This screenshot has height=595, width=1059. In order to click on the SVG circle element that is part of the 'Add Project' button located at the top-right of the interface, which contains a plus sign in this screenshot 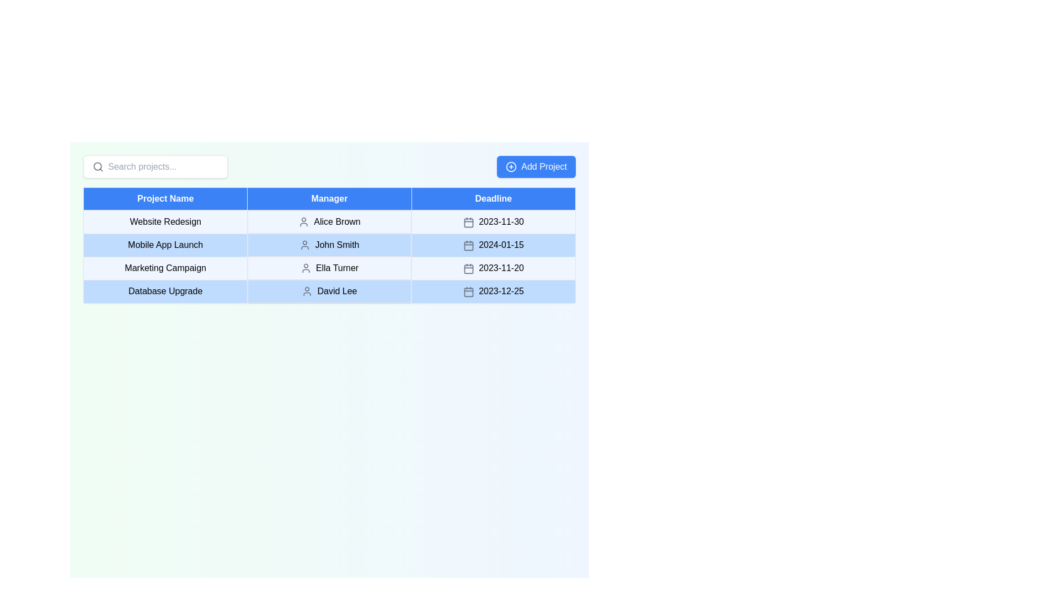, I will do `click(511, 167)`.